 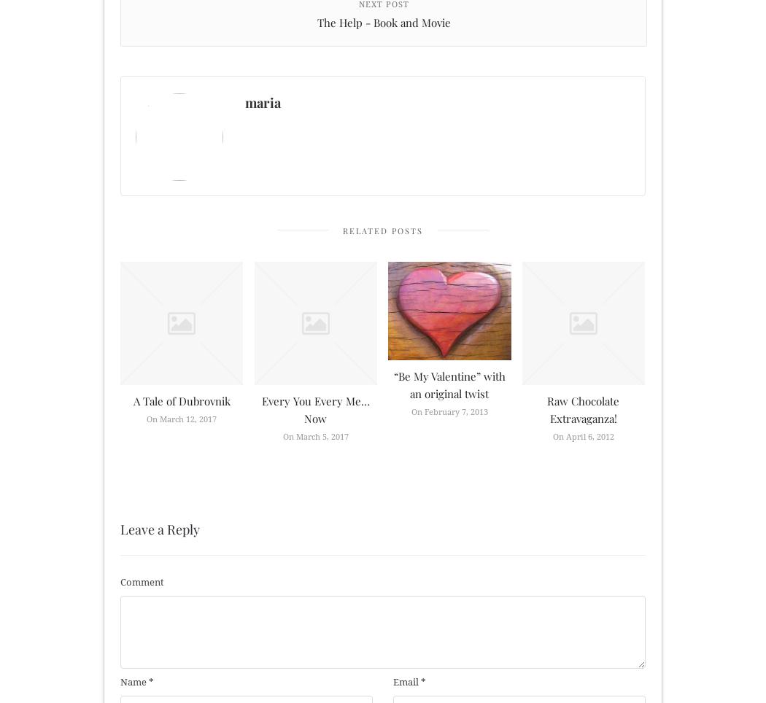 What do you see at coordinates (181, 418) in the screenshot?
I see `'On March 12, 2017'` at bounding box center [181, 418].